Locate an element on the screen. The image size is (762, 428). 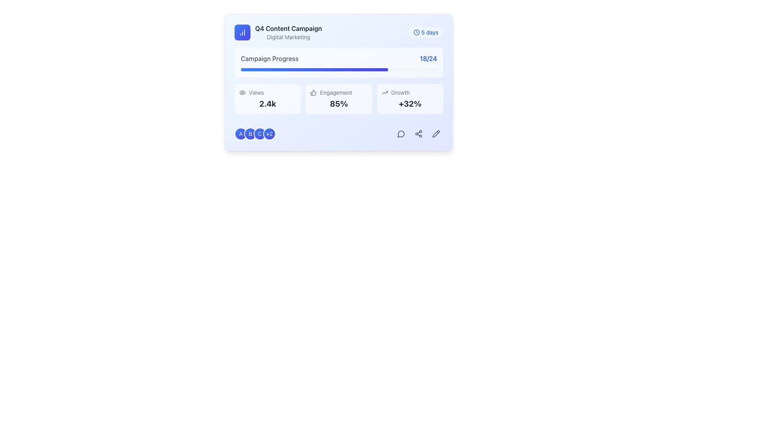
text content of the Text Label element displaying '85%' that is centrally positioned under the label 'Engagement' is located at coordinates (339, 103).